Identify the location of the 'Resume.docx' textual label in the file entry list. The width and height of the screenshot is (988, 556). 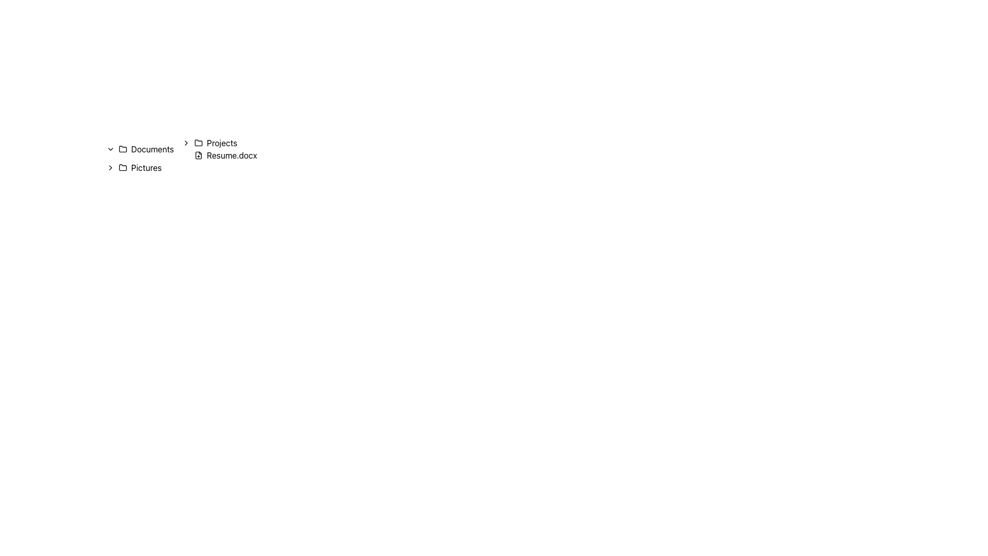
(231, 155).